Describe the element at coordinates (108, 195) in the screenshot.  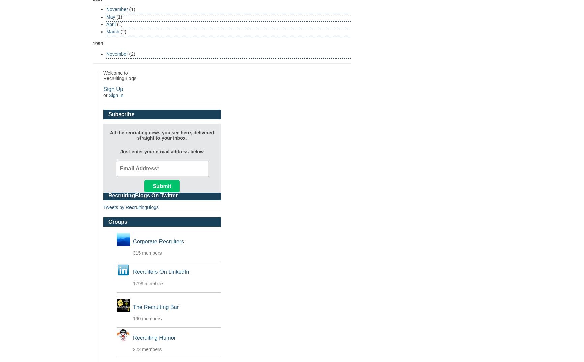
I see `'RecruitingBlogs on Twitter'` at that location.